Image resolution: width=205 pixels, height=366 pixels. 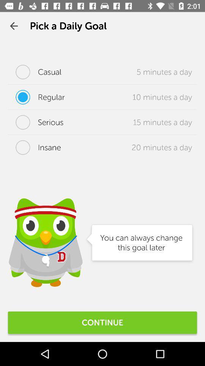 What do you see at coordinates (34, 72) in the screenshot?
I see `the item next to 5 minutes a item` at bounding box center [34, 72].